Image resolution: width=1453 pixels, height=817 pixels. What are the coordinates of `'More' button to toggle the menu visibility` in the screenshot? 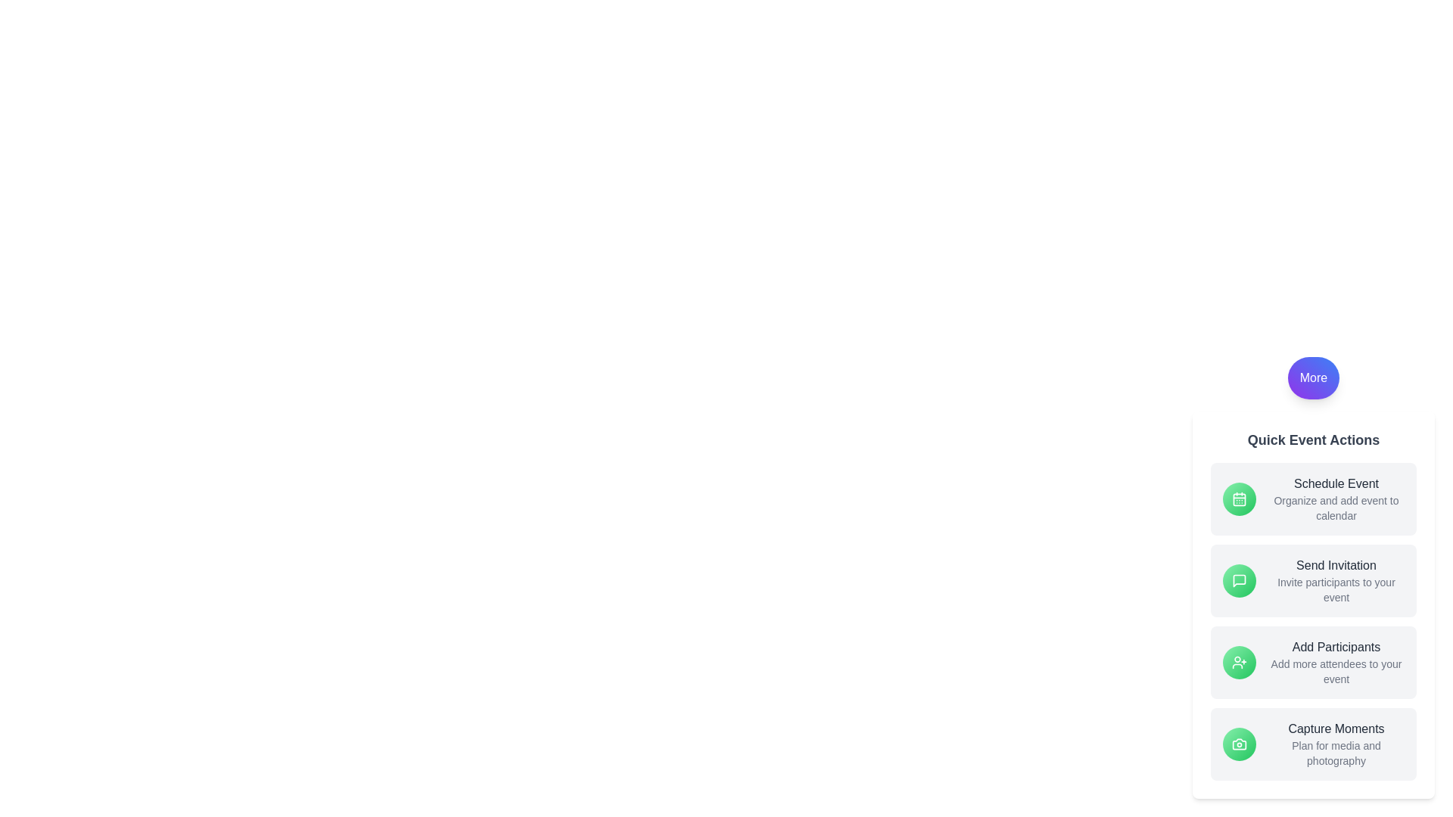 It's located at (1313, 377).